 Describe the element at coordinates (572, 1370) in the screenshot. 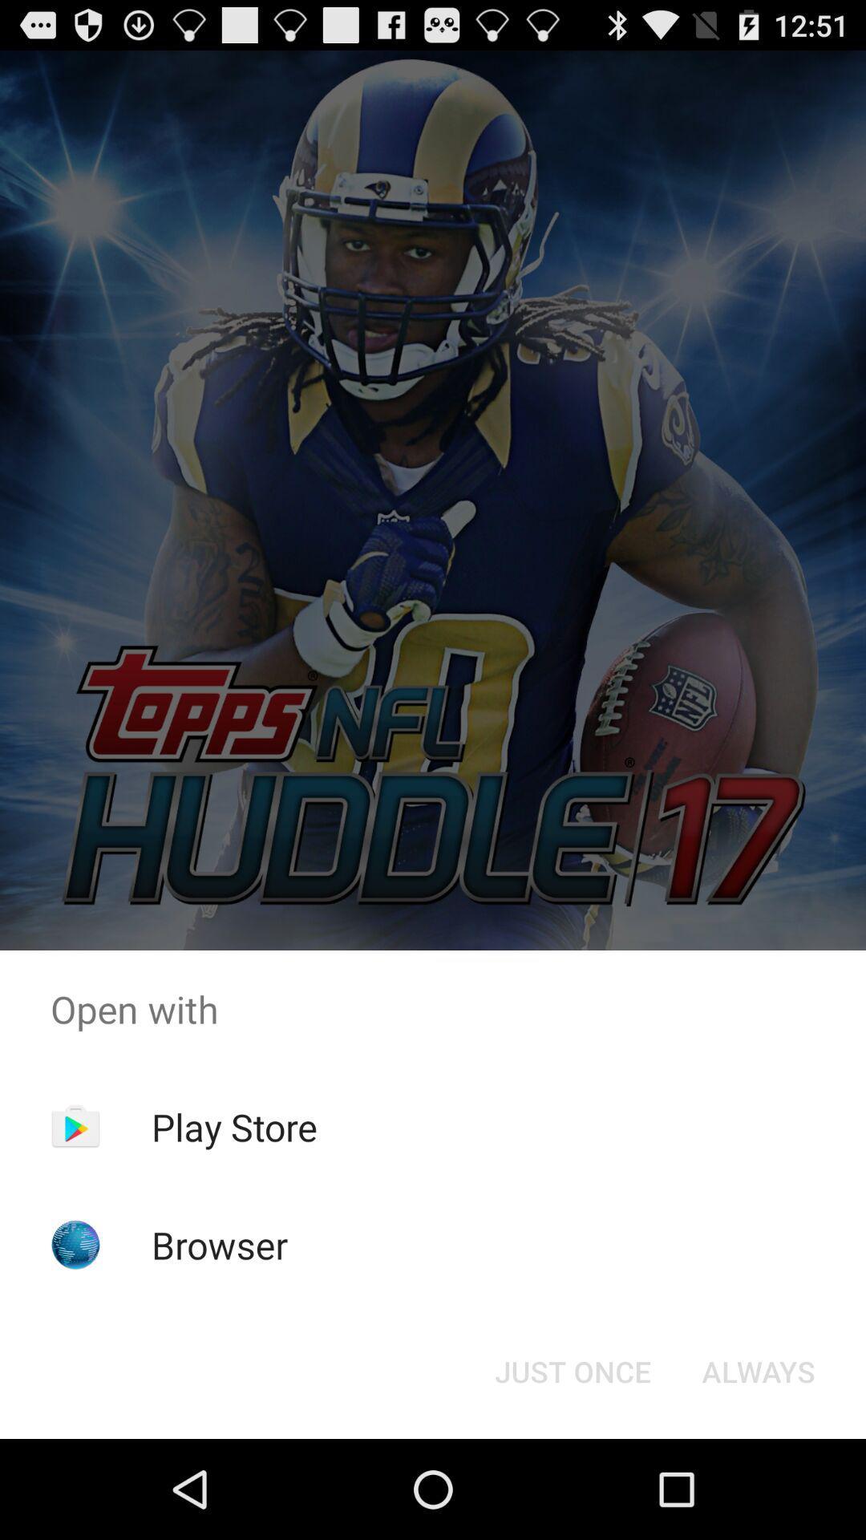

I see `the icon below the open with app` at that location.